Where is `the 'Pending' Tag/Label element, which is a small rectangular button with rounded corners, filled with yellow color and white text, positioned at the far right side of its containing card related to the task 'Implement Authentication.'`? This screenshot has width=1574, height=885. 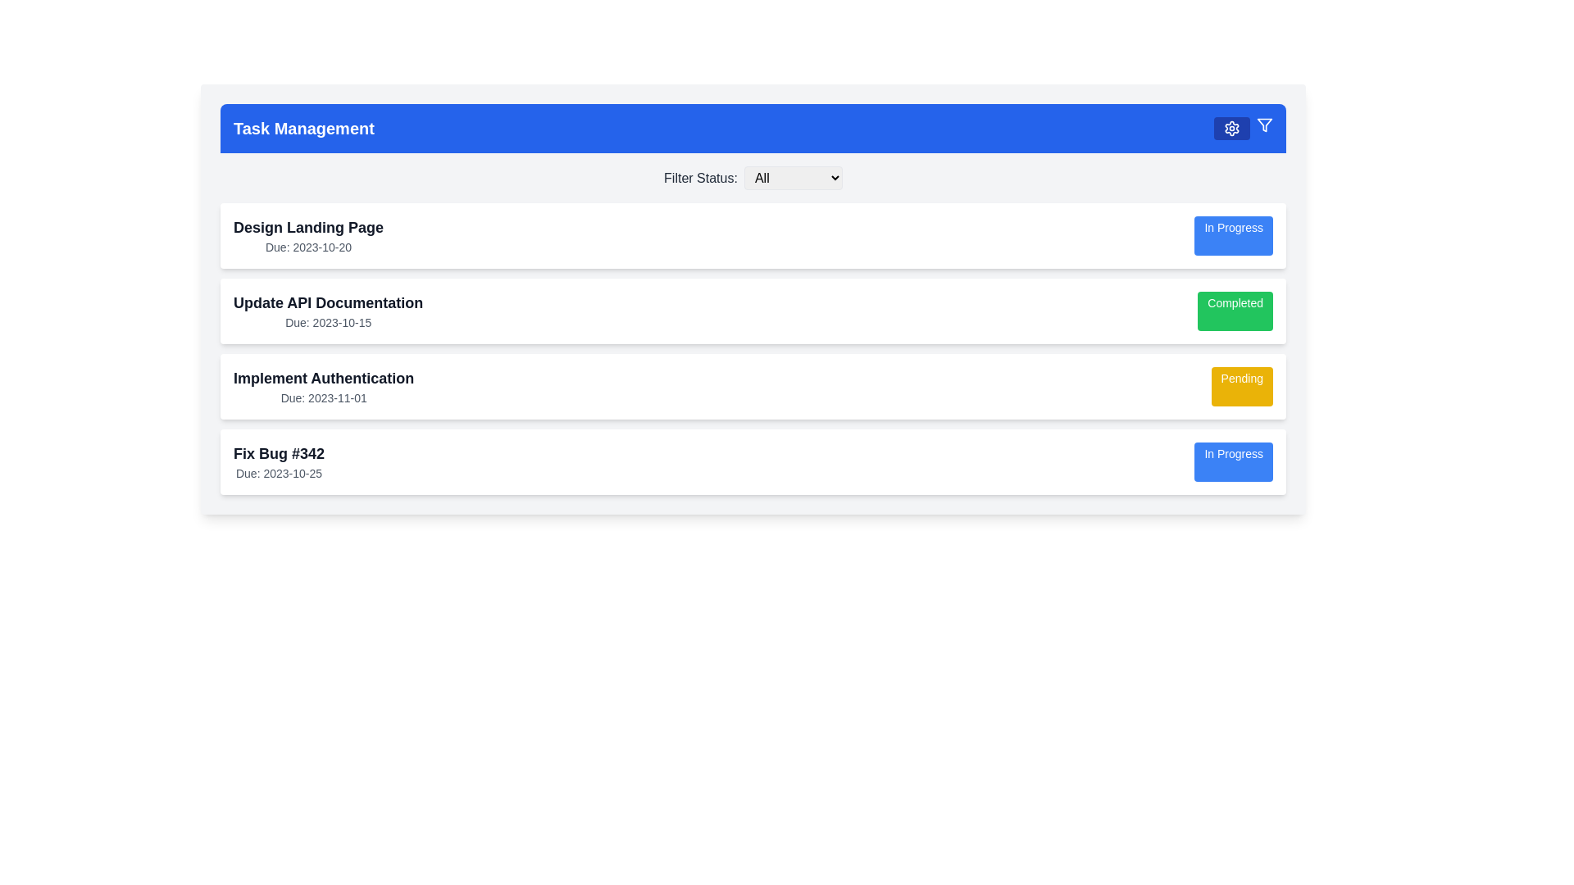
the 'Pending' Tag/Label element, which is a small rectangular button with rounded corners, filled with yellow color and white text, positioned at the far right side of its containing card related to the task 'Implement Authentication.' is located at coordinates (1242, 386).